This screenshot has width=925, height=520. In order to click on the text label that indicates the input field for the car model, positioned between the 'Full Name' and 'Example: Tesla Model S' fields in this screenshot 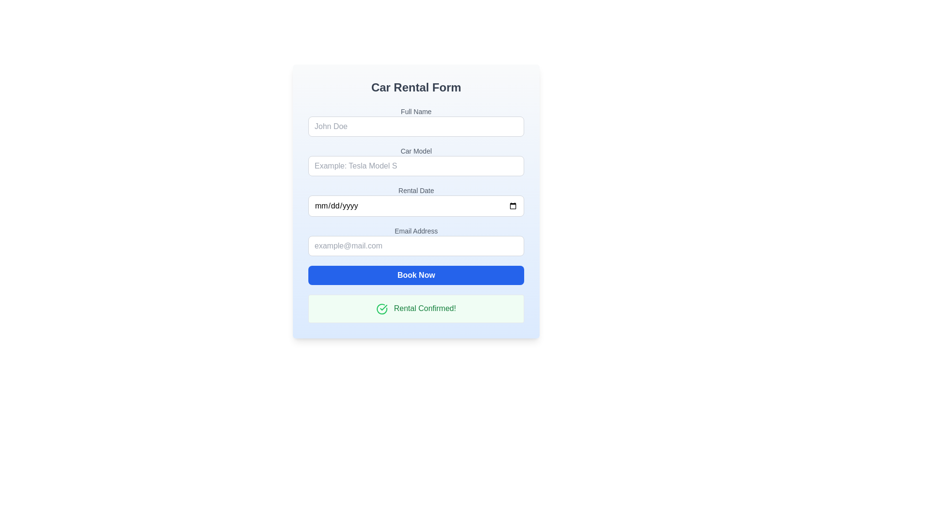, I will do `click(416, 151)`.